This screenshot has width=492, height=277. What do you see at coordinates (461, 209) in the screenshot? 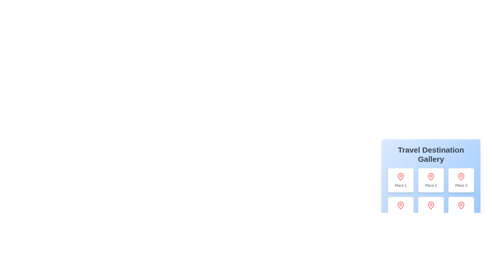
I see `the selectable card with a white background, light gray border, red map pin icon, and label 'Place 6' located in the Travel Destination Gallery` at bounding box center [461, 209].